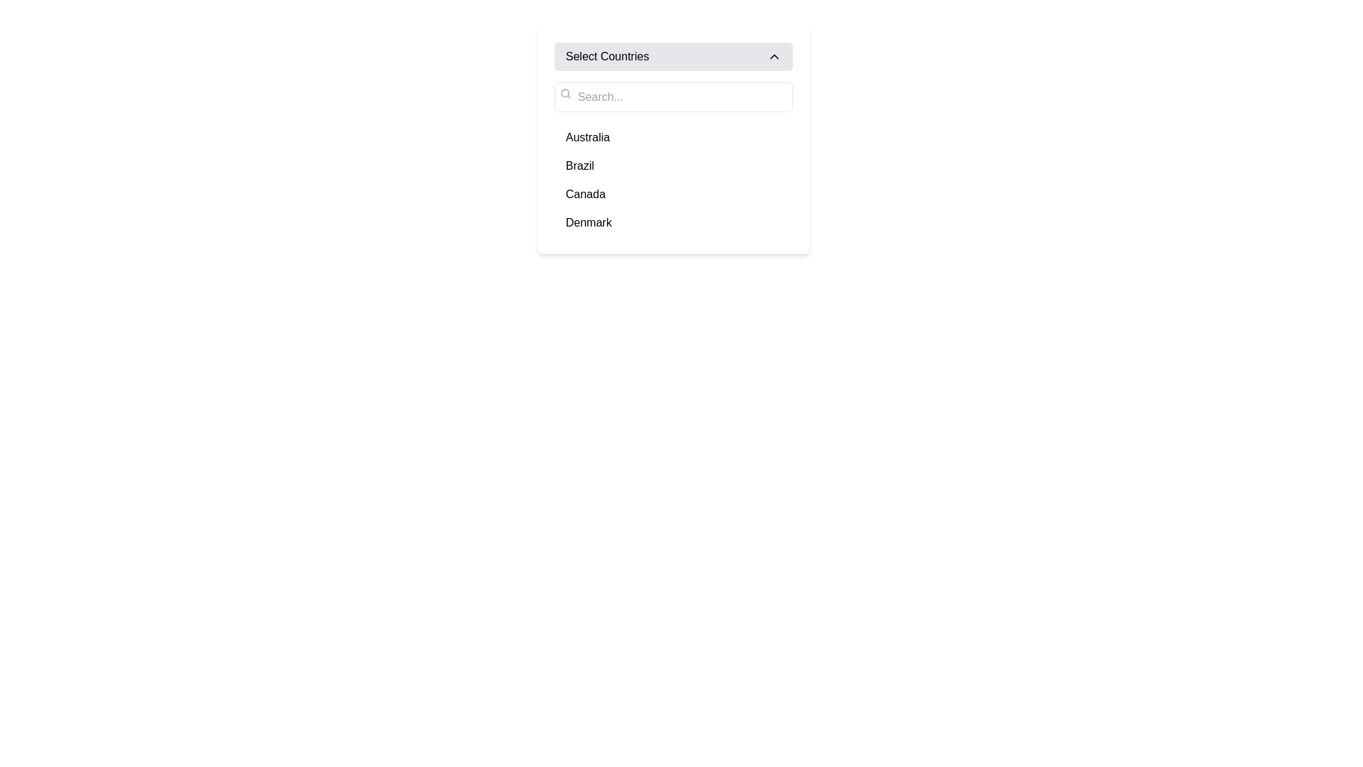  Describe the element at coordinates (673, 159) in the screenshot. I see `the selectable item in the dropdown menu for previewing options related to 'Select Countries'` at that location.